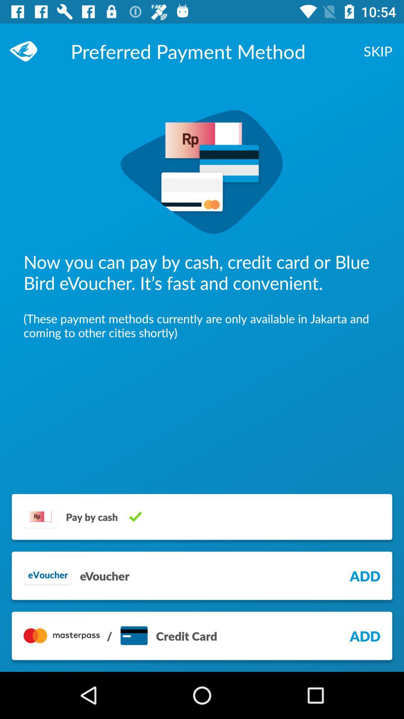  I want to click on item at the top left corner, so click(27, 51).